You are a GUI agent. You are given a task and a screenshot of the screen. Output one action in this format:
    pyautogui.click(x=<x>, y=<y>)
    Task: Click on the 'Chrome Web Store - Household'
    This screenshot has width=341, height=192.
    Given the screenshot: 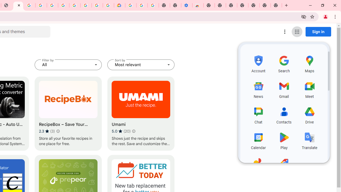 What is the action you would take?
    pyautogui.click(x=18, y=5)
    